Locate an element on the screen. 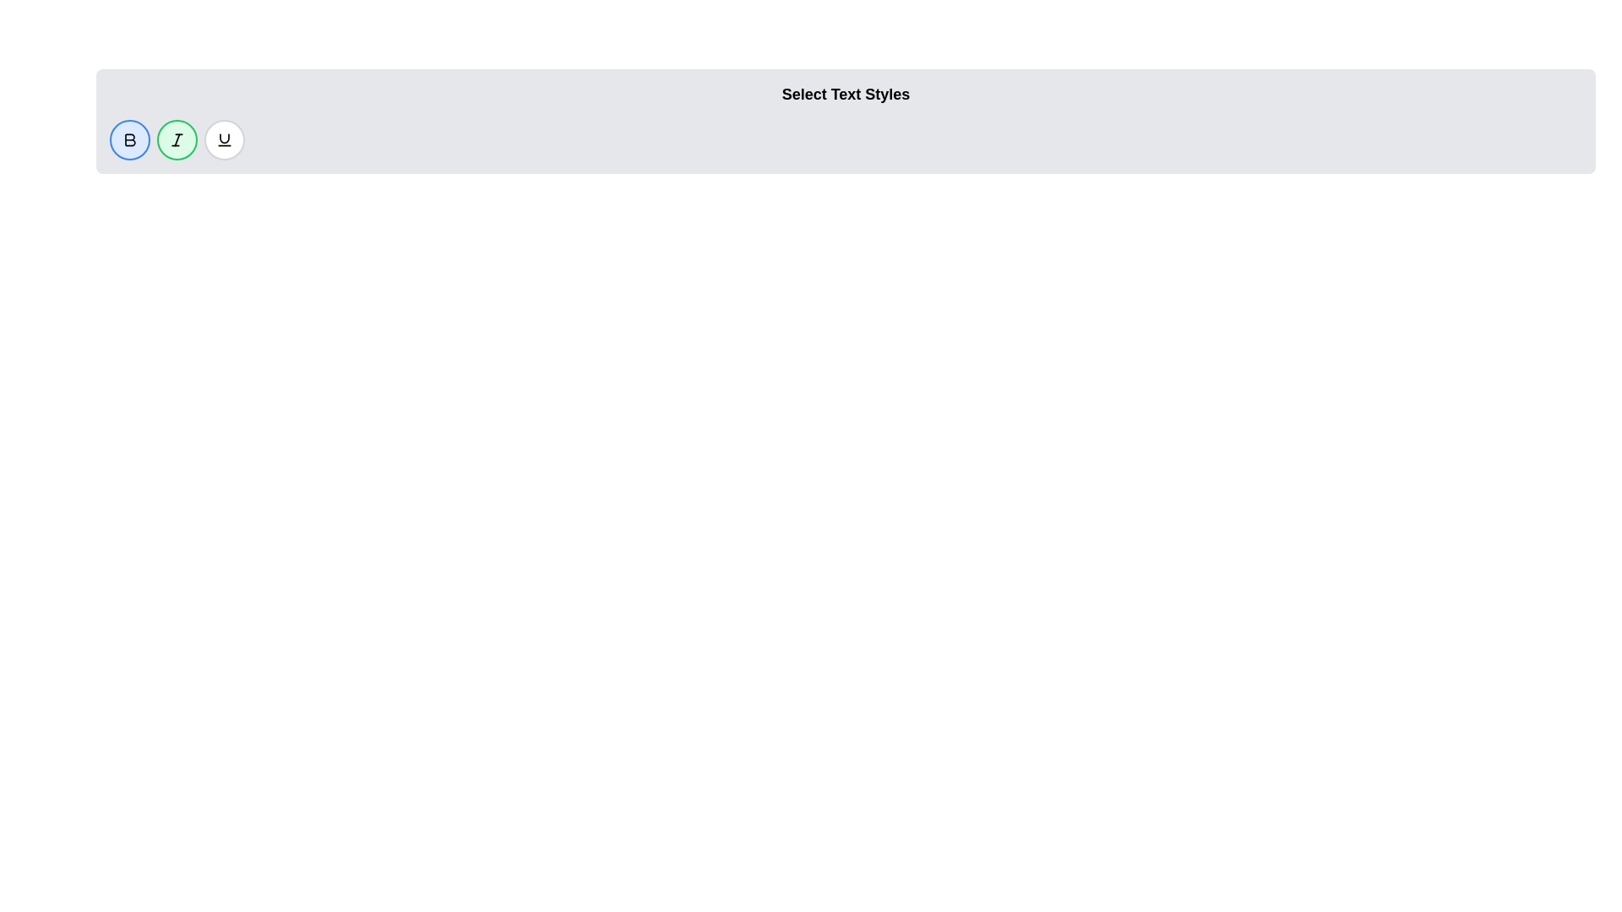 This screenshot has width=1622, height=912. the bold icon button represented by the letter 'B' with a blue outline and light blue fill is located at coordinates (128, 138).